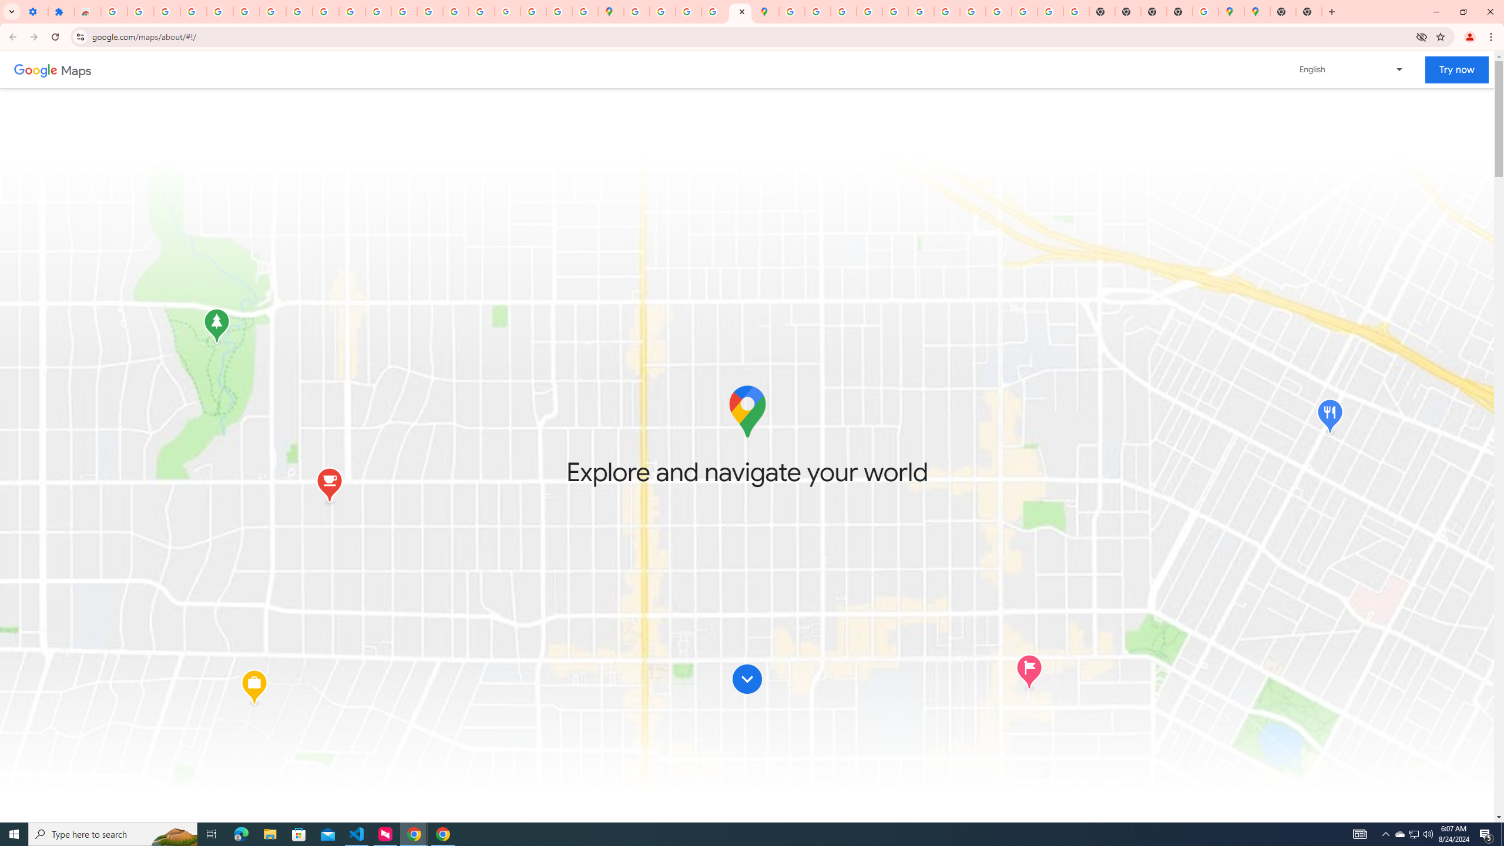  I want to click on 'Privacy Help Center - Policies Help', so click(869, 11).